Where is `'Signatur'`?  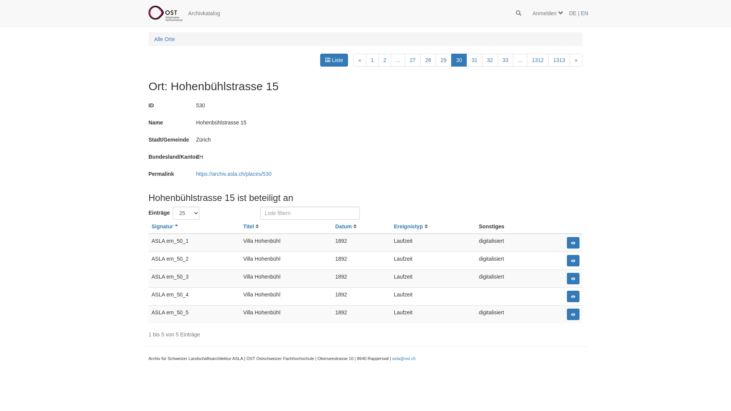
'Signatur' is located at coordinates (164, 226).